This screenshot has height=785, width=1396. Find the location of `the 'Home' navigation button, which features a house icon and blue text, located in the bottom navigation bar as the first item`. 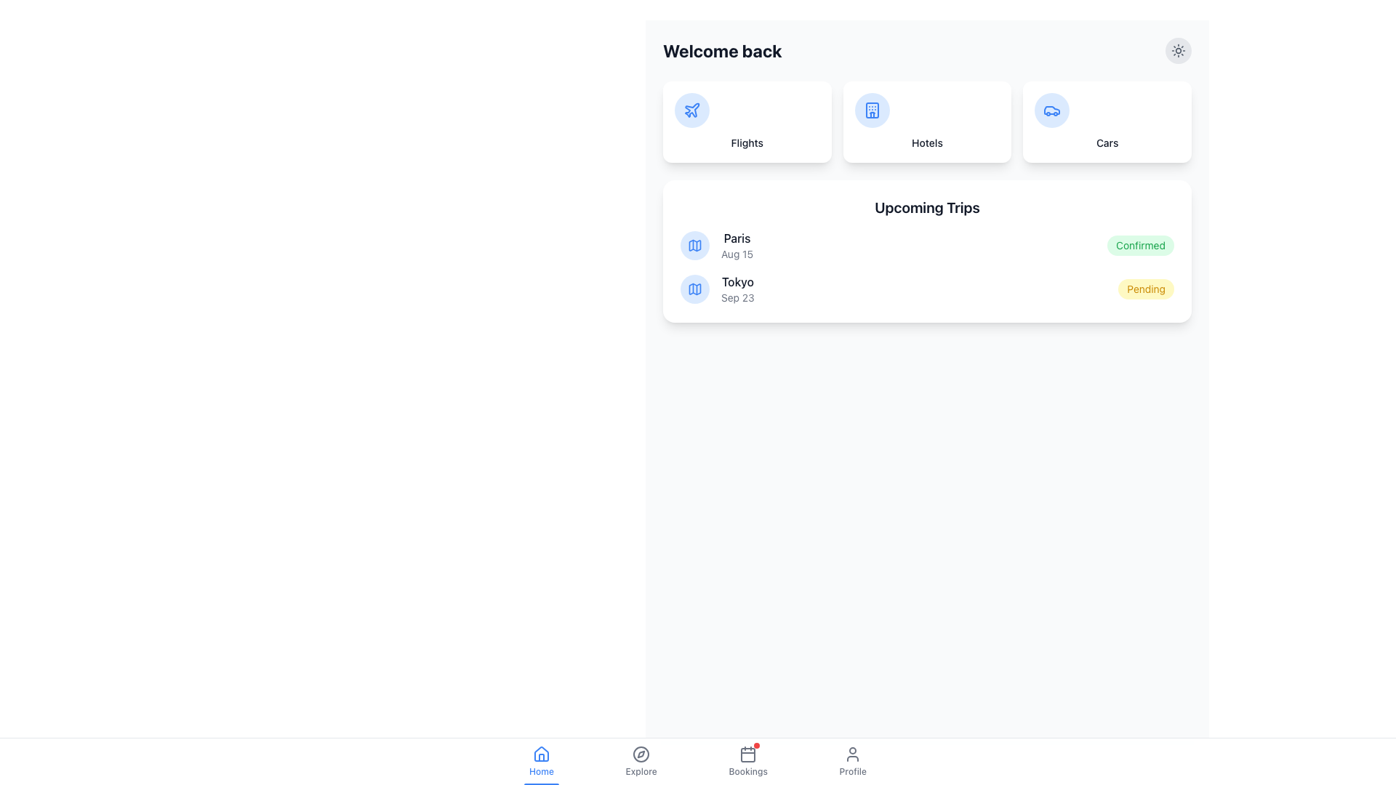

the 'Home' navigation button, which features a house icon and blue text, located in the bottom navigation bar as the first item is located at coordinates (540, 761).